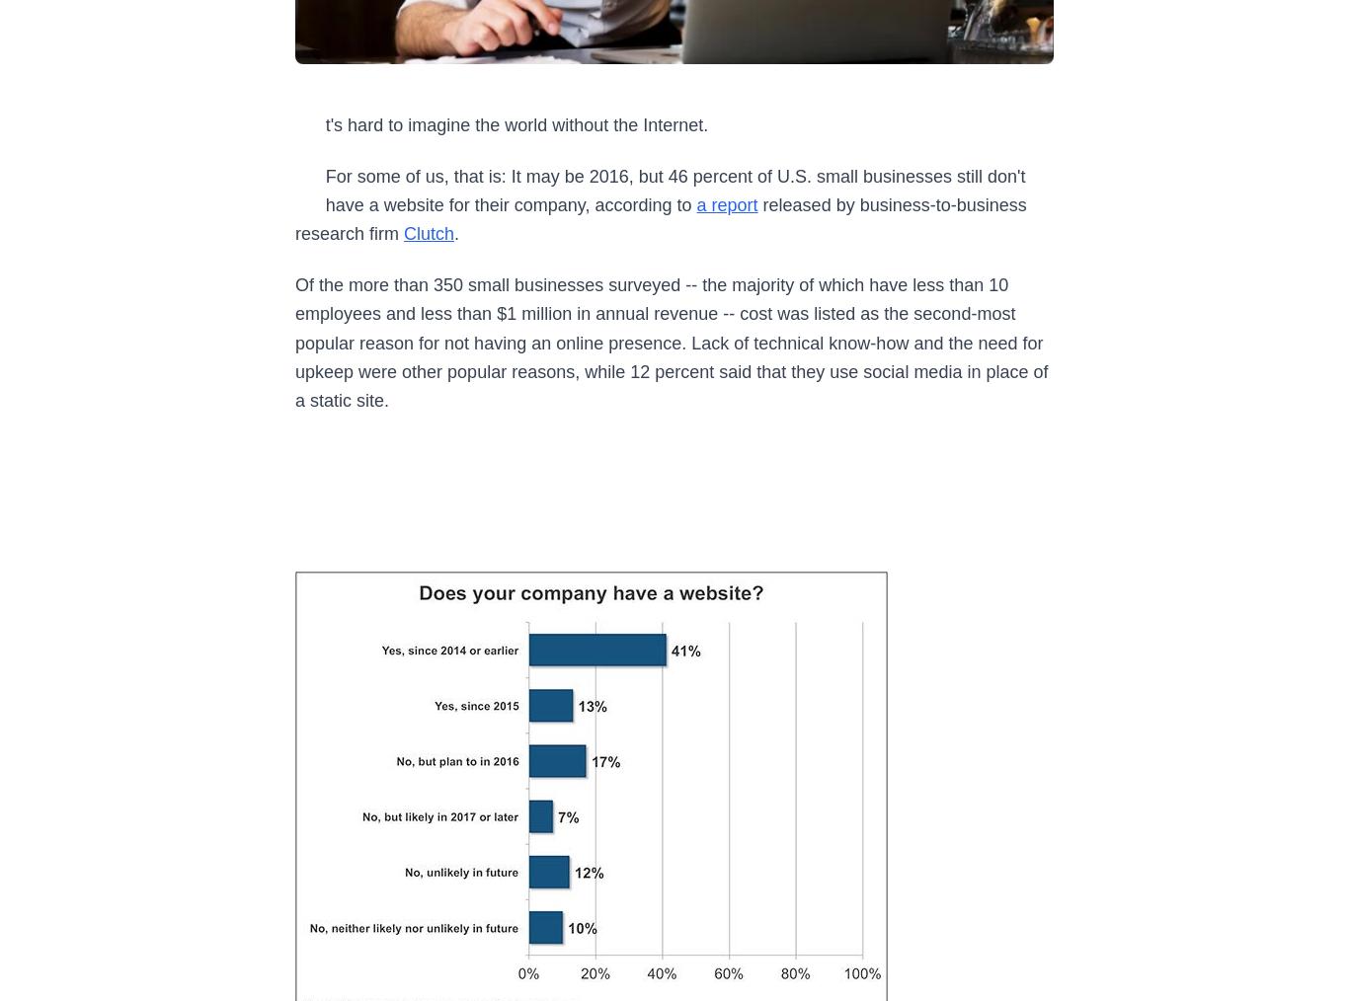  What do you see at coordinates (393, 868) in the screenshot?
I see `'We'll be in your inbox every morning Monday-Saturday with all the day’s top business news, inspiring stories, best advice and exclusive reporting from Entrepreneur.'` at bounding box center [393, 868].